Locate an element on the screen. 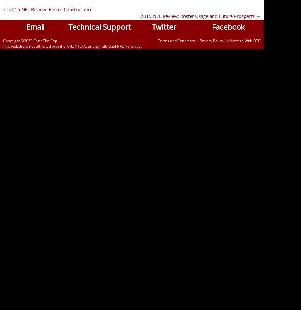  'Privacy Policy' is located at coordinates (199, 40).